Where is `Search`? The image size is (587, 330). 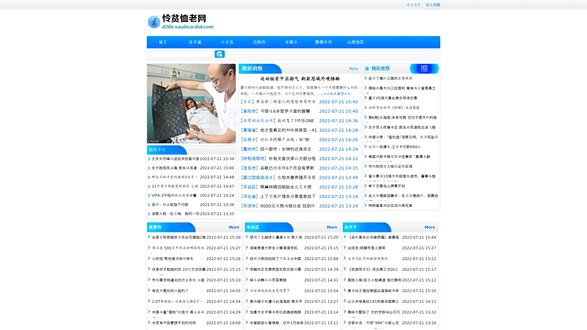 Search is located at coordinates (220, 54).